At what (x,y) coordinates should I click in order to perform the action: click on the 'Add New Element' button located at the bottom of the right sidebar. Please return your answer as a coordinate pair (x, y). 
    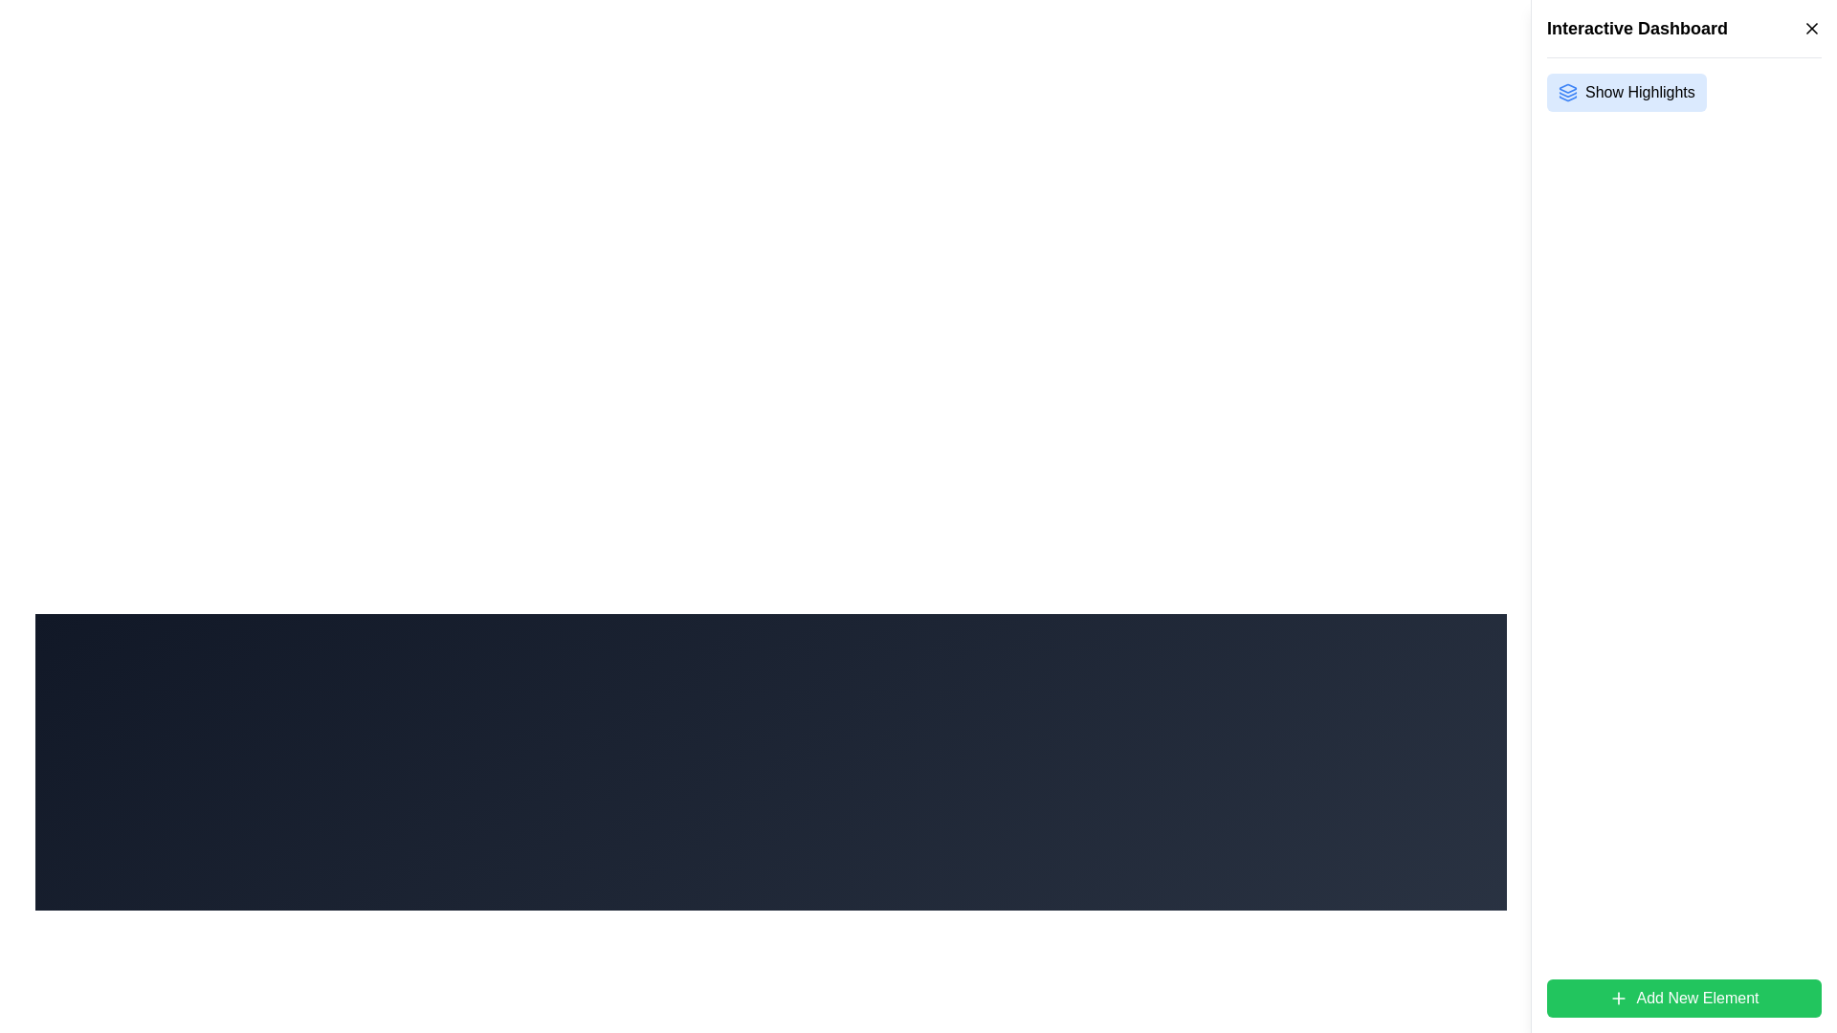
    Looking at the image, I should click on (1684, 998).